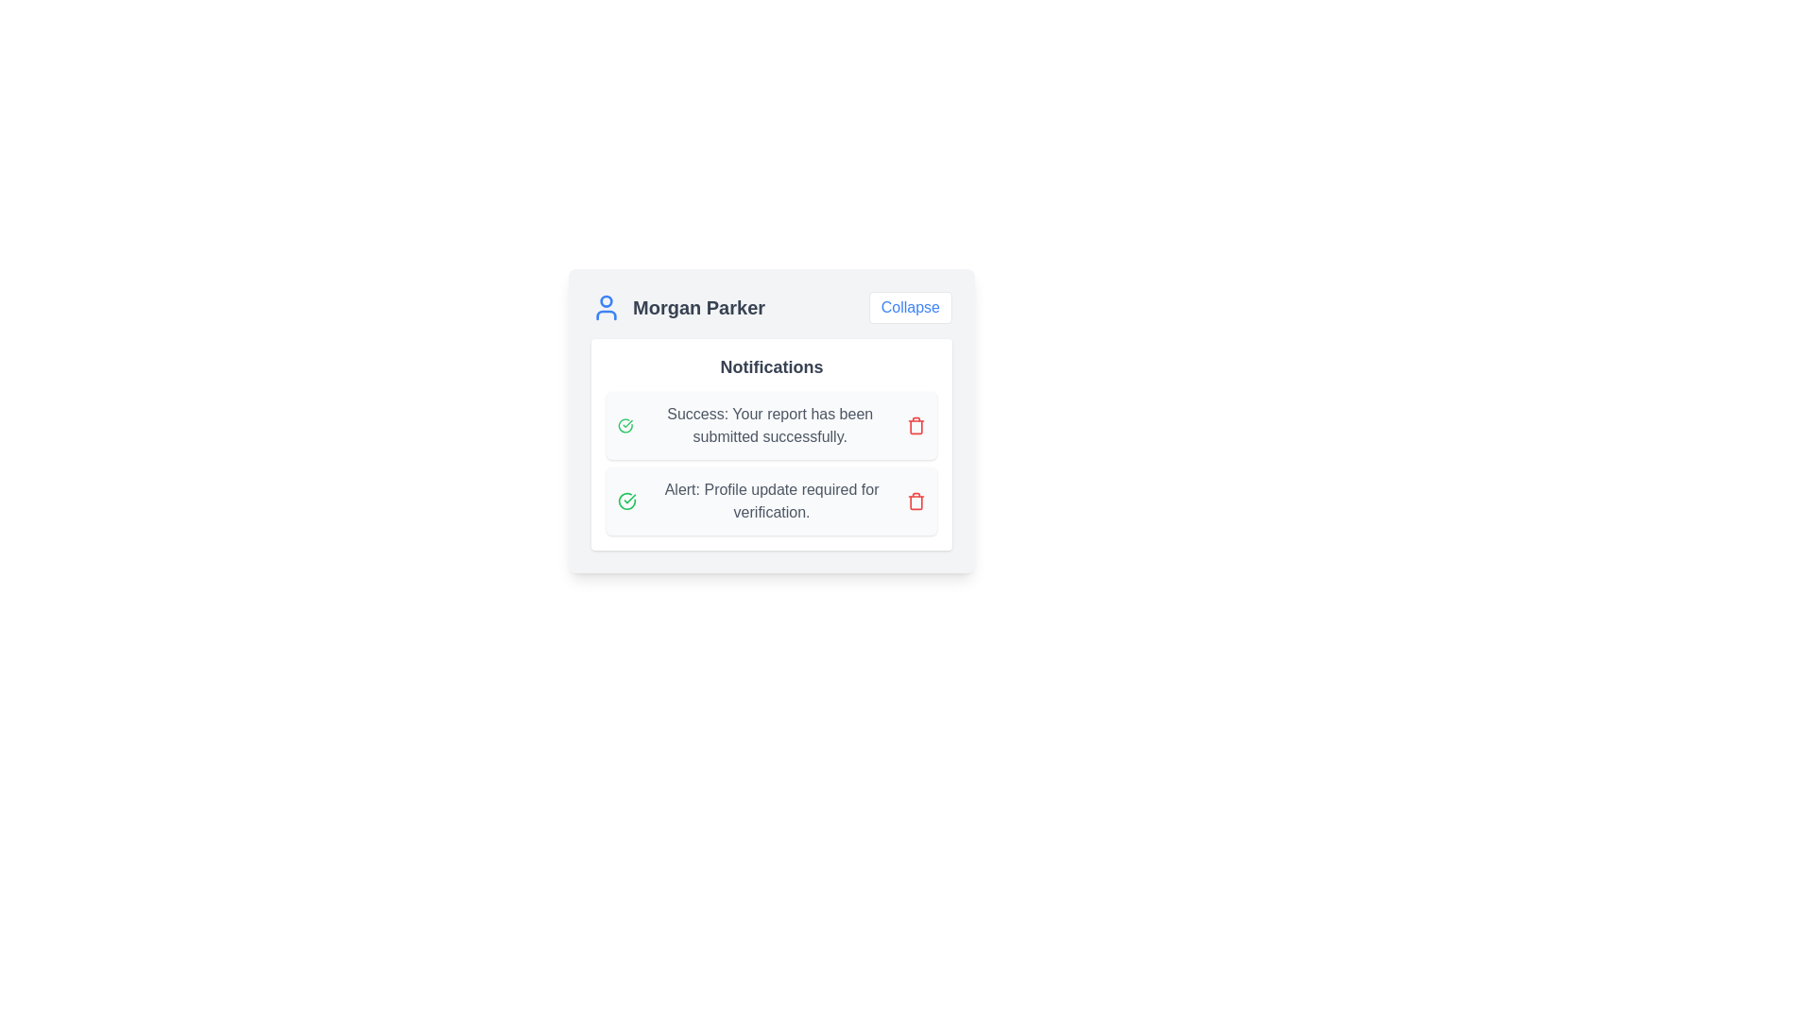 The image size is (1814, 1020). Describe the element at coordinates (770, 426) in the screenshot. I see `informational message displayed in the Text Label located centrally within the notification module, which indicates a successful operation` at that location.